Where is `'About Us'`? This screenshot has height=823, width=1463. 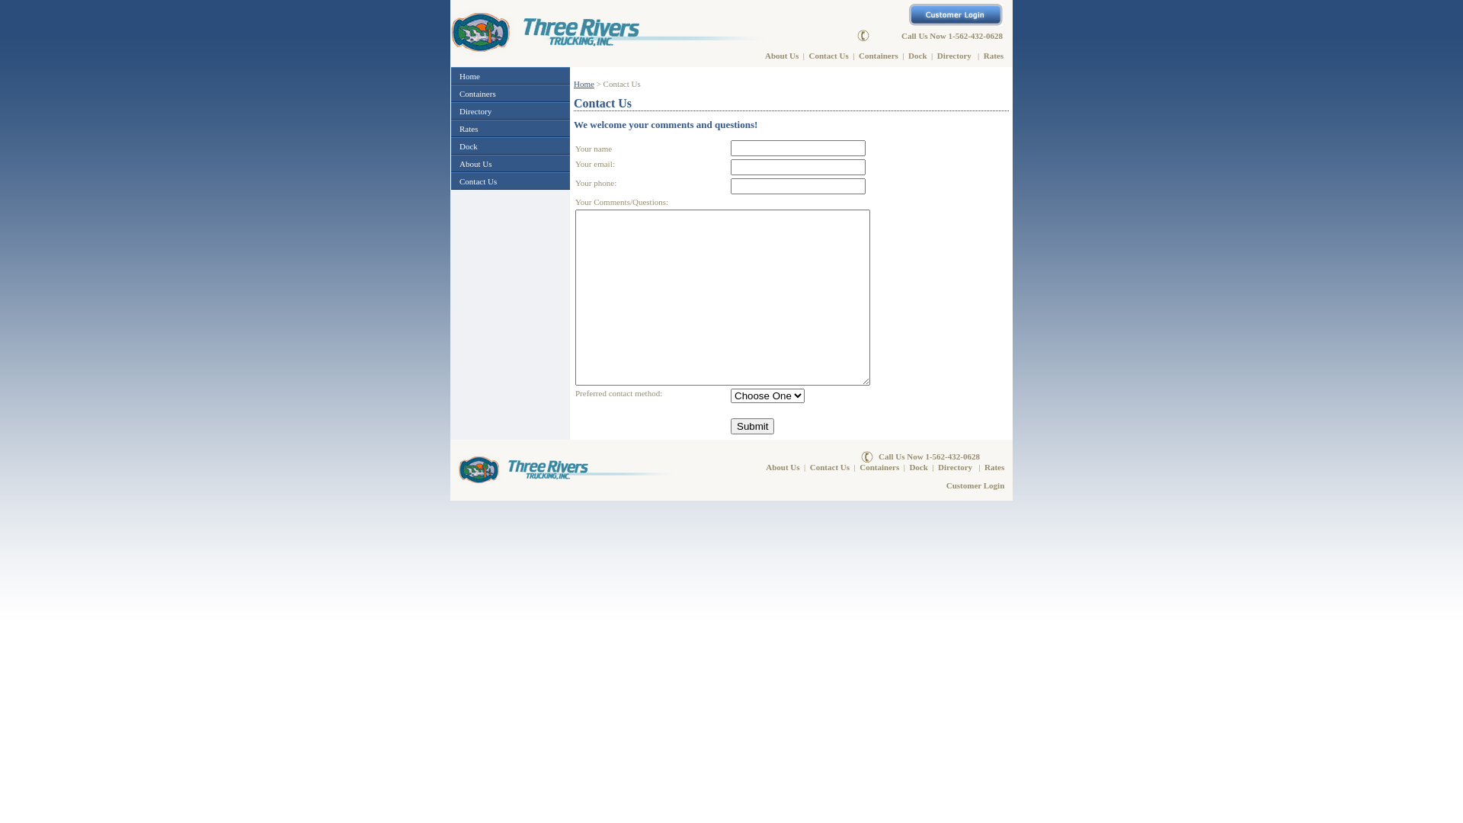
'About Us' is located at coordinates (782, 54).